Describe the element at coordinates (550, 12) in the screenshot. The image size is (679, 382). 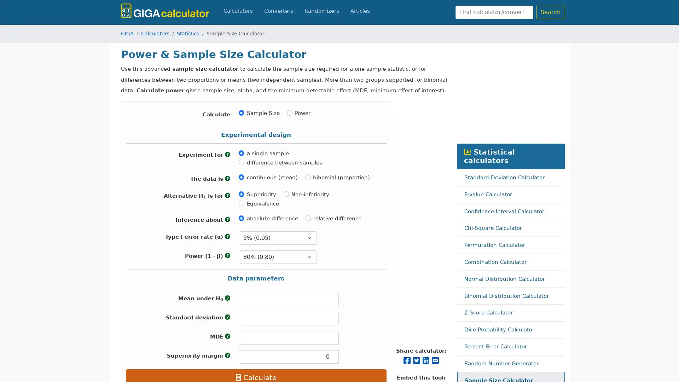
I see `Search` at that location.